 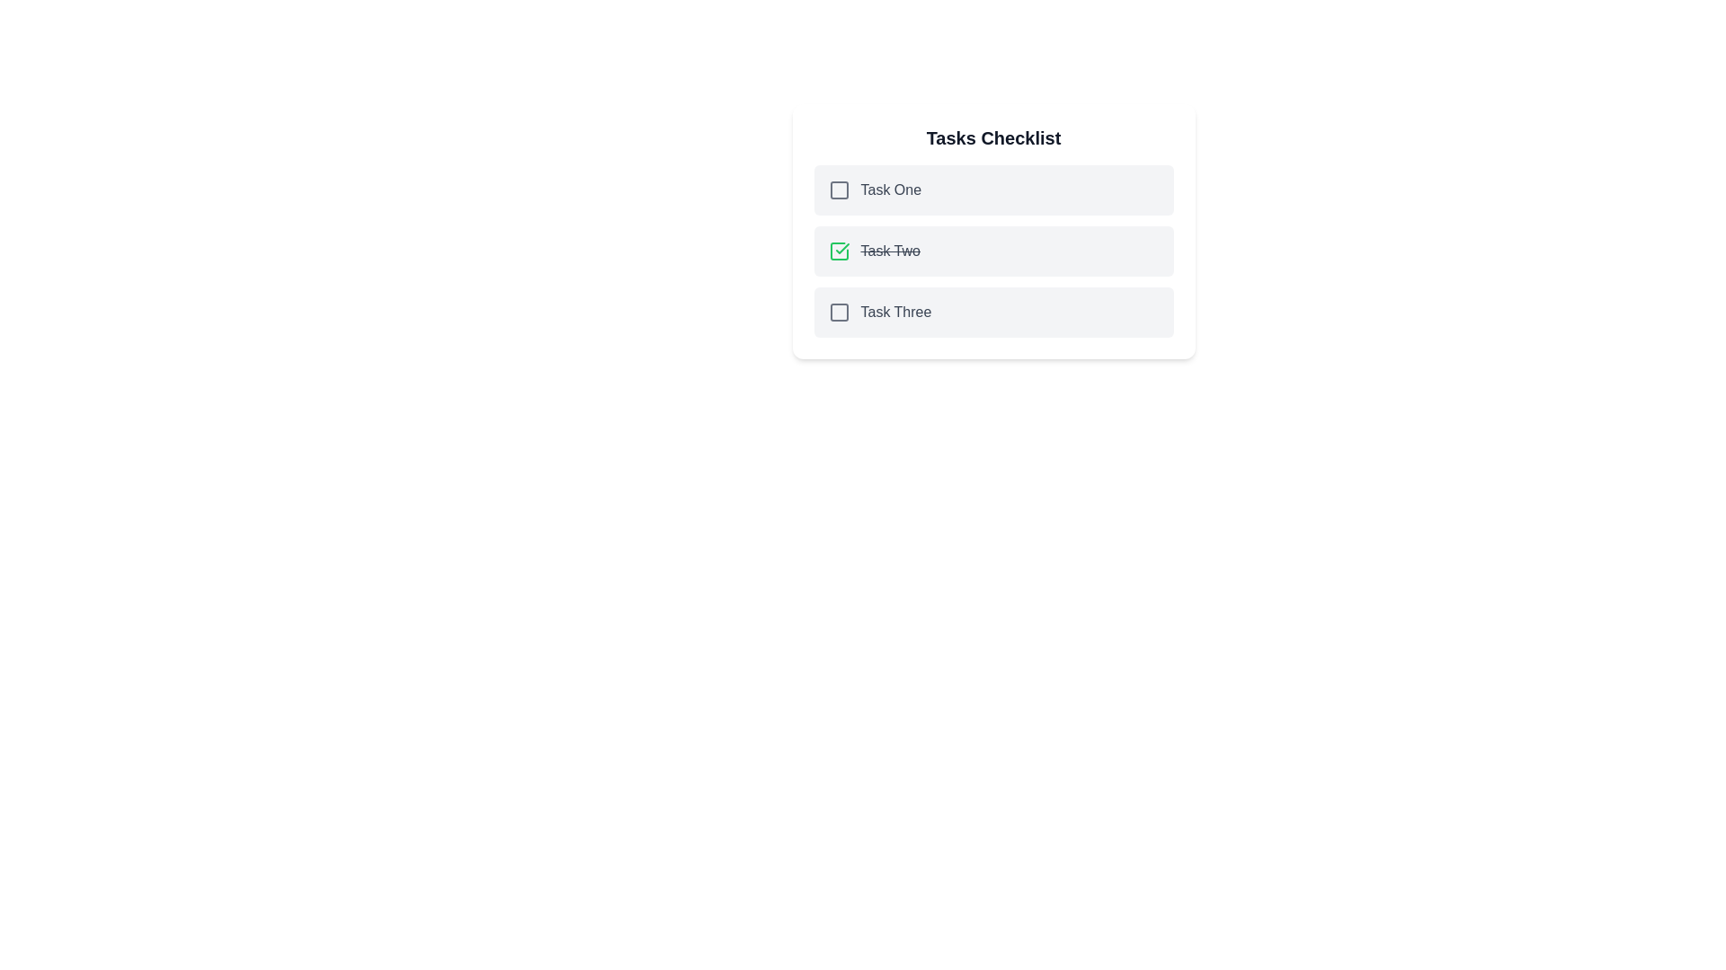 I want to click on text 'Task One' which is the first item in the 'Tasks Checklist.', so click(x=891, y=190).